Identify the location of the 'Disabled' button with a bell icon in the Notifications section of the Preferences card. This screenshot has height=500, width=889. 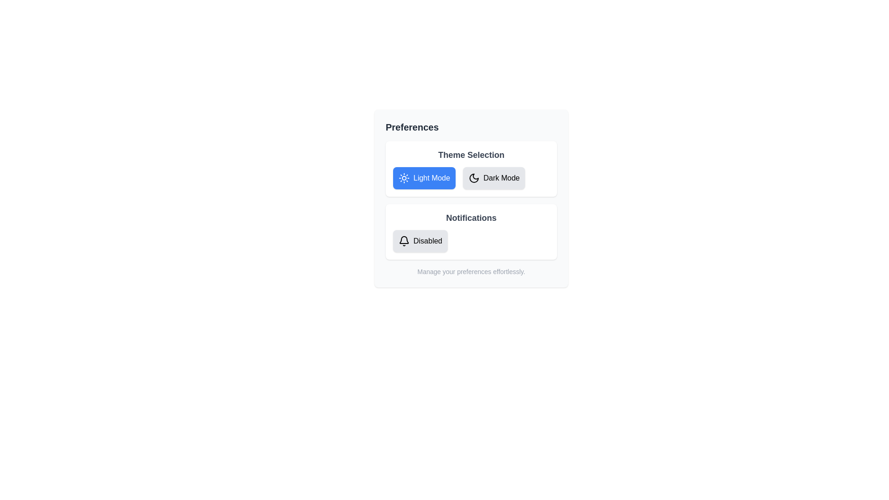
(419, 240).